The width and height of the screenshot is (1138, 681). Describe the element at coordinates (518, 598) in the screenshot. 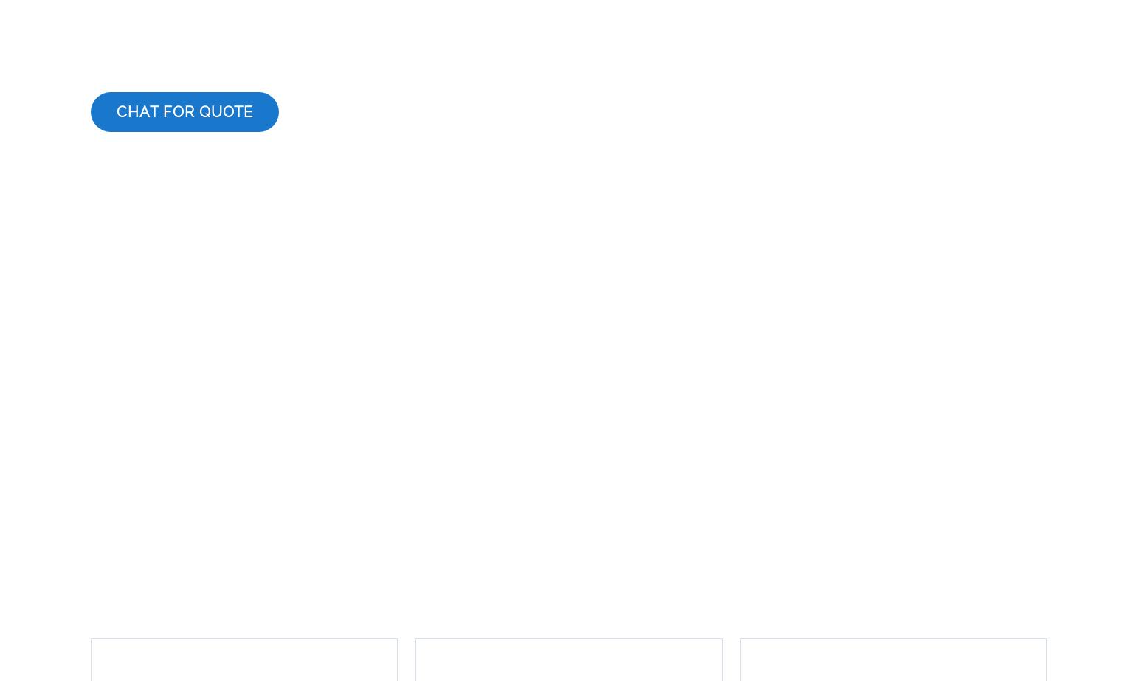

I see `'UK'` at that location.